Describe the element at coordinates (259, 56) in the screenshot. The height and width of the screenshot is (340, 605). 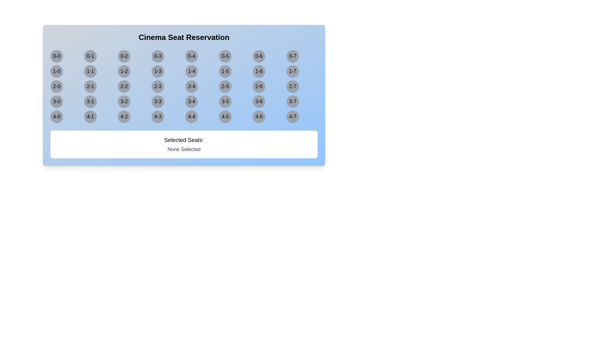
I see `the selectable seat option button located in the first row and seventh column of the cinema seat reservation system` at that location.